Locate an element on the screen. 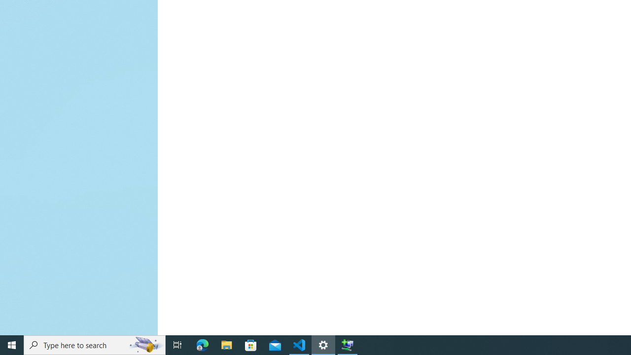  'Visual Studio Code - 1 running window' is located at coordinates (299, 344).